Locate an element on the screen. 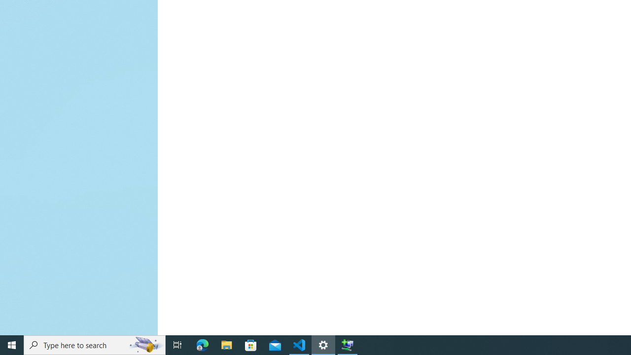  'Visual Studio Code - 1 running window' is located at coordinates (299, 344).